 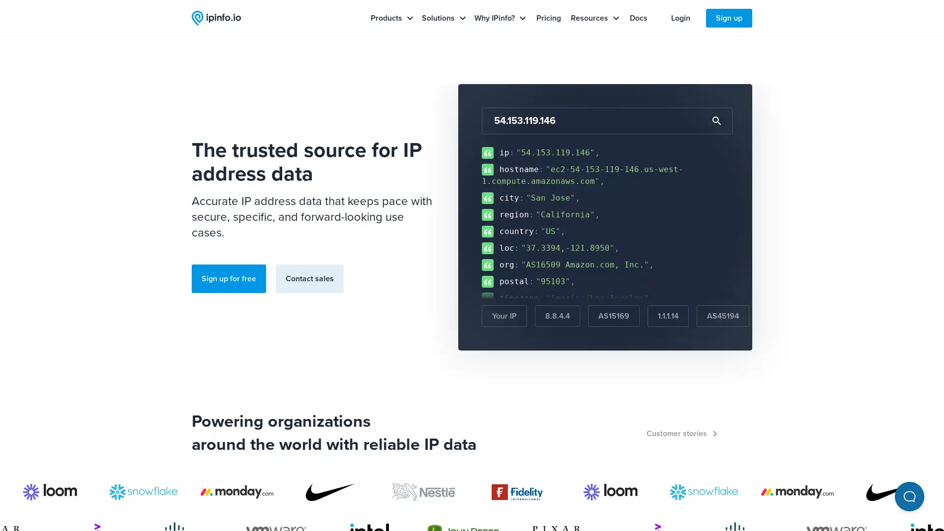 What do you see at coordinates (504, 316) in the screenshot?
I see `Your IP` at bounding box center [504, 316].